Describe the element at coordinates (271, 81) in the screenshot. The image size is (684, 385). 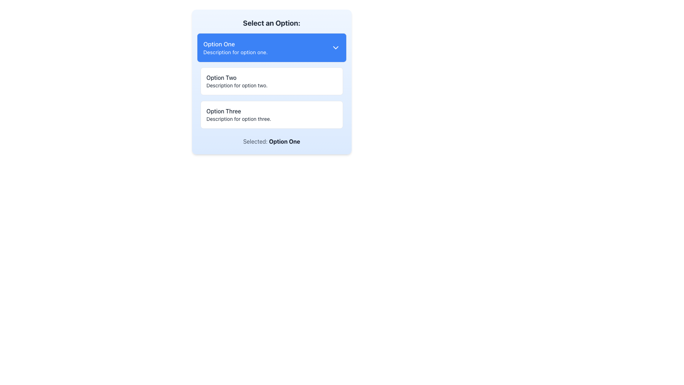
I see `the second option in the selectable list item` at that location.